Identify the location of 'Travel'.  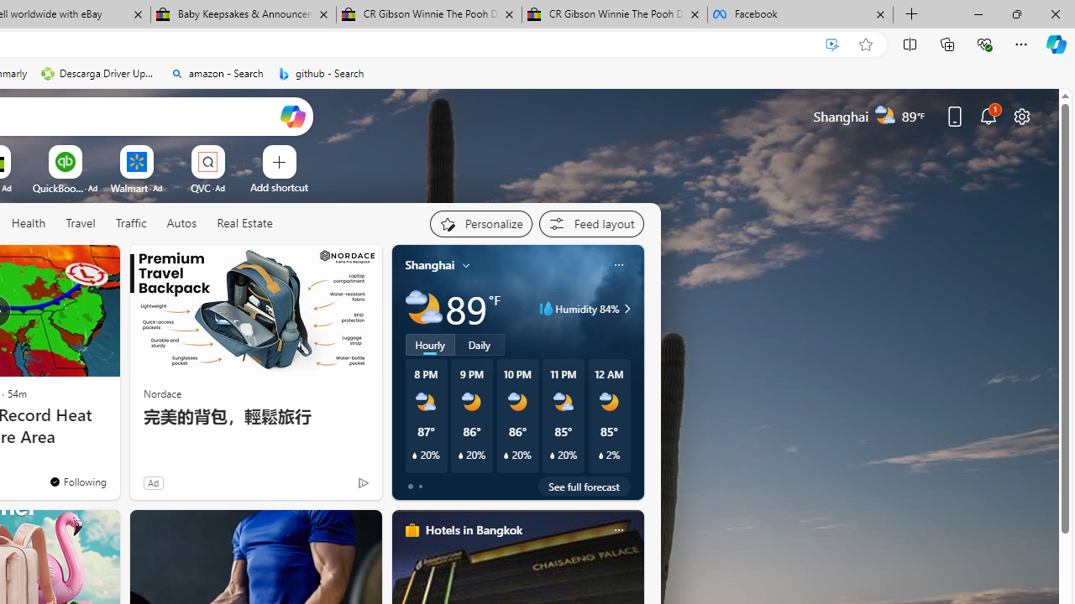
(80, 222).